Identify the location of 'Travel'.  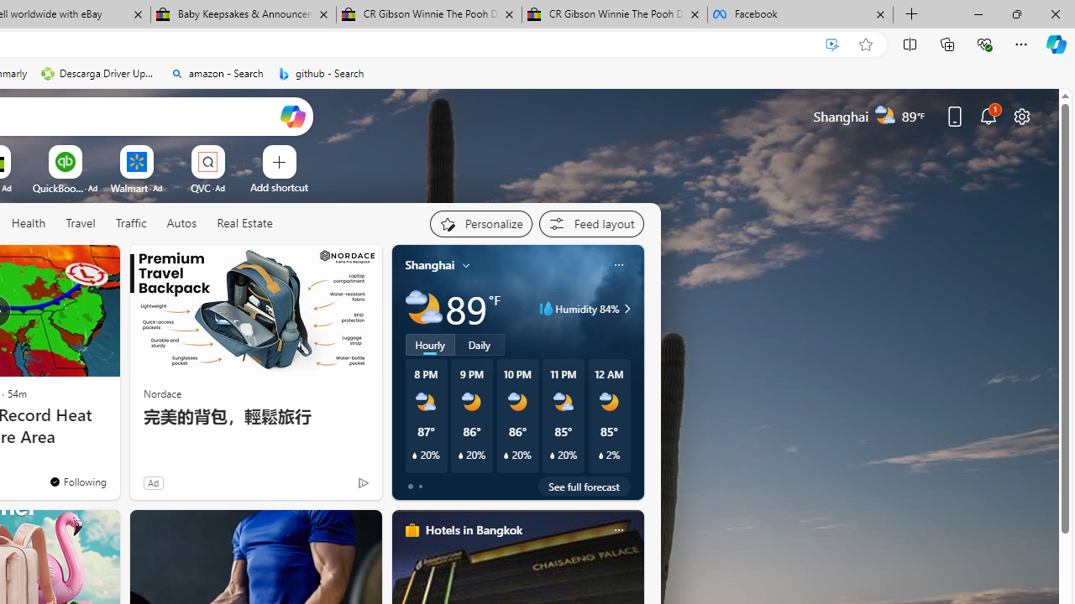
(80, 222).